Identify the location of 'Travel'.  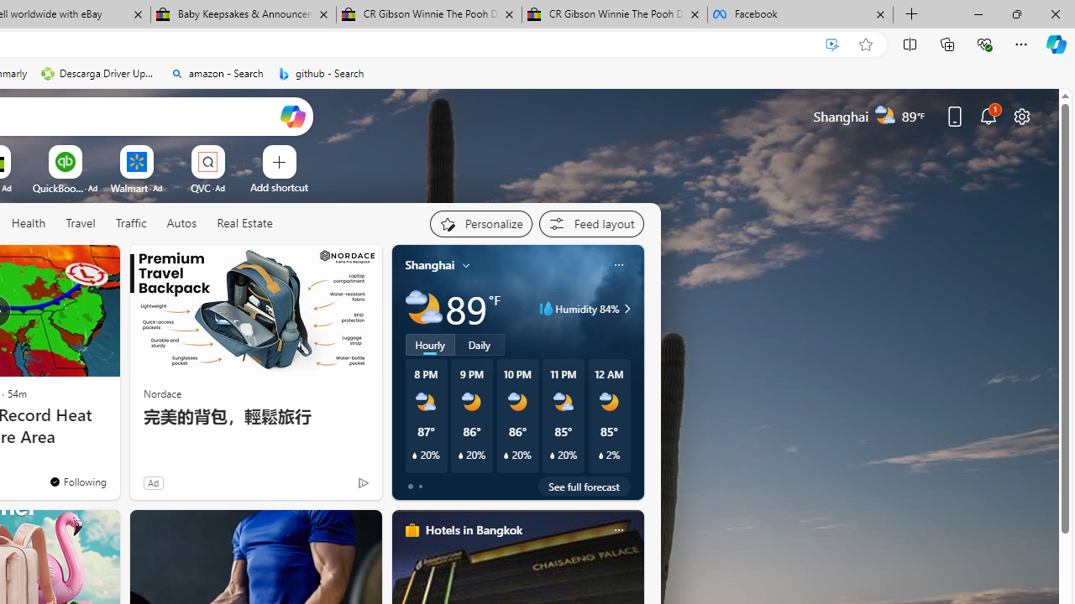
(80, 222).